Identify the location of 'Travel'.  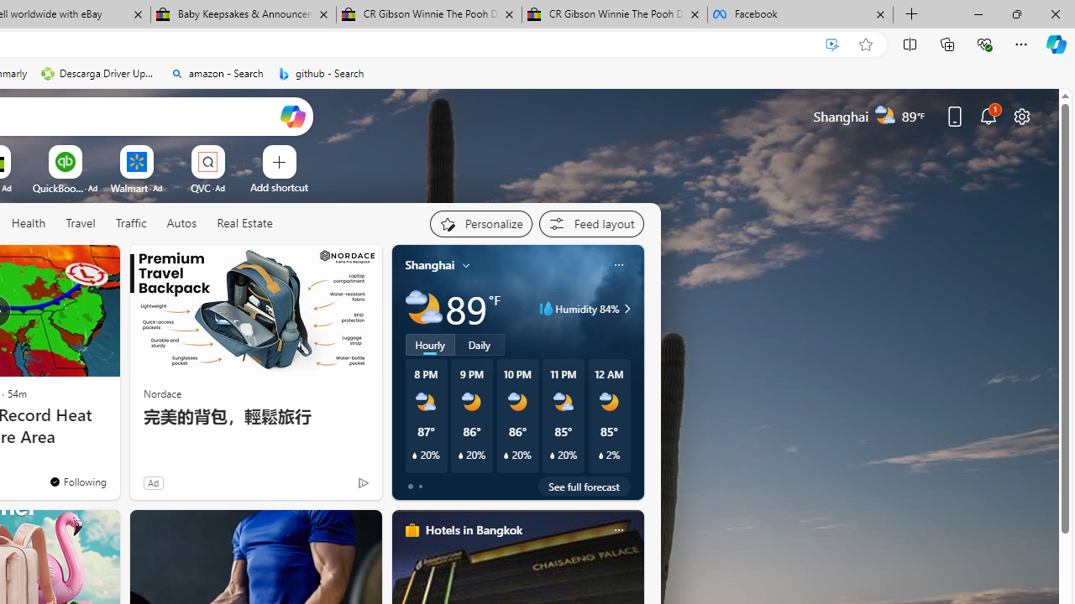
(80, 222).